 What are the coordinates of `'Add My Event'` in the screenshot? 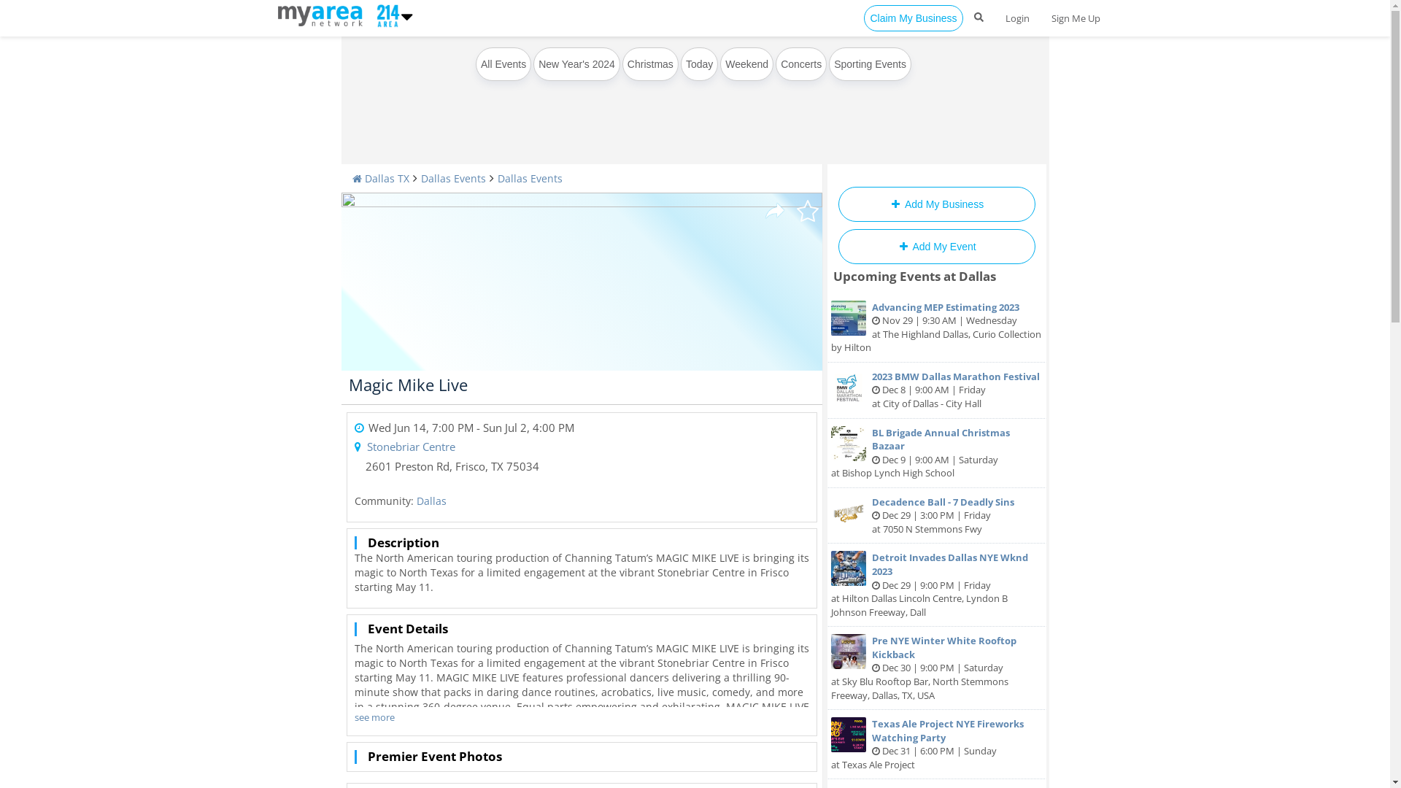 It's located at (935, 246).